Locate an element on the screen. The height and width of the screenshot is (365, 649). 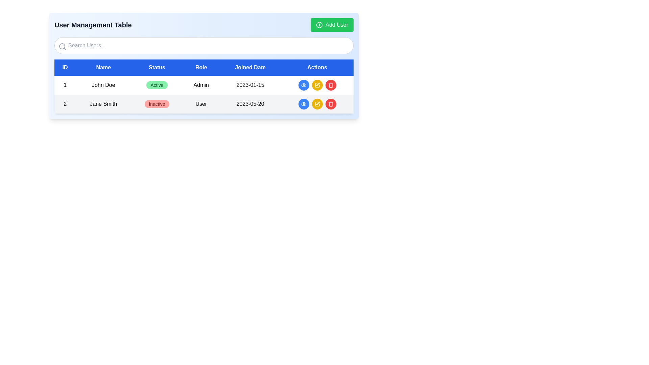
the yellow circular button with a white pen icon located in the action column of the second row of the user management table to initiate editing is located at coordinates (317, 104).